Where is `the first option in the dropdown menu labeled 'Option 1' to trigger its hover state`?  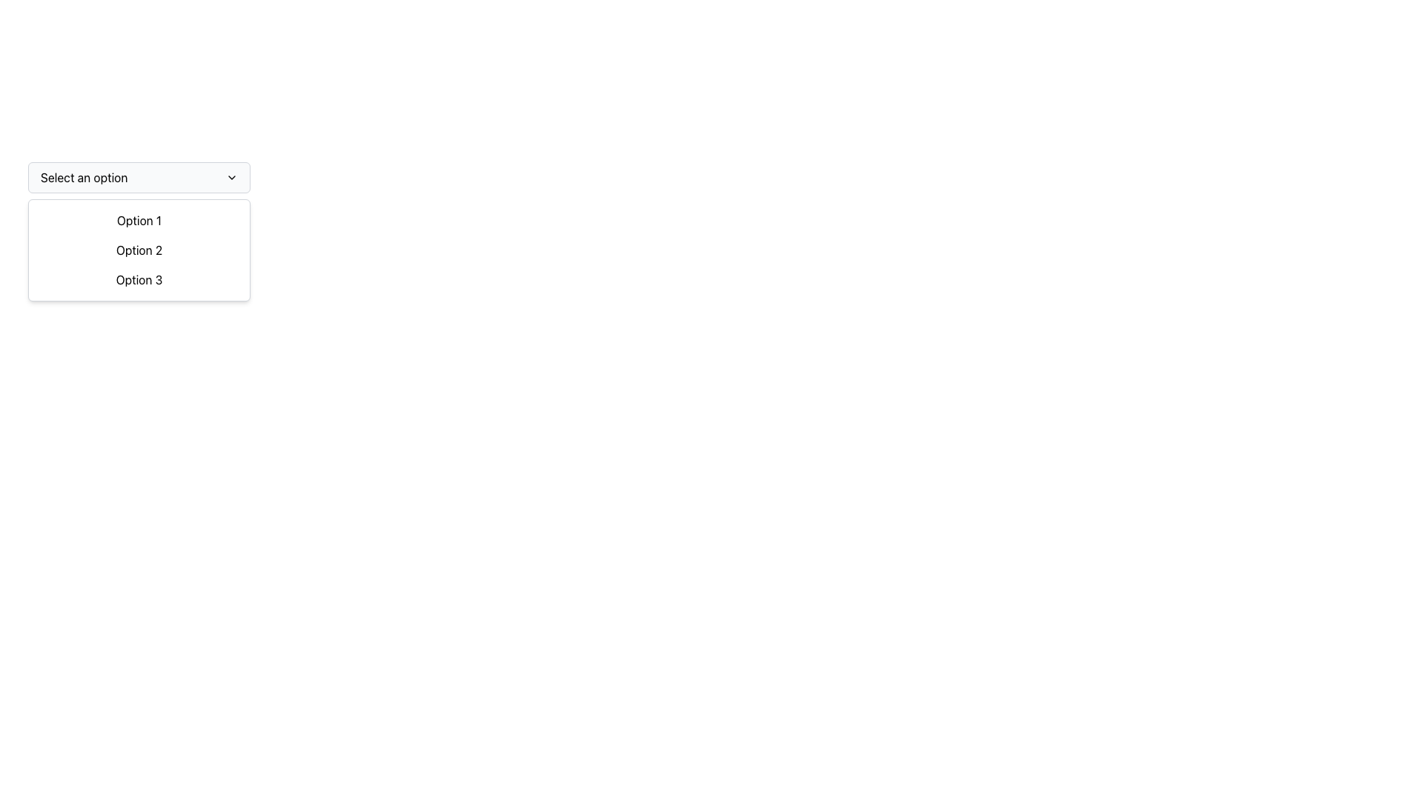
the first option in the dropdown menu labeled 'Option 1' to trigger its hover state is located at coordinates (139, 220).